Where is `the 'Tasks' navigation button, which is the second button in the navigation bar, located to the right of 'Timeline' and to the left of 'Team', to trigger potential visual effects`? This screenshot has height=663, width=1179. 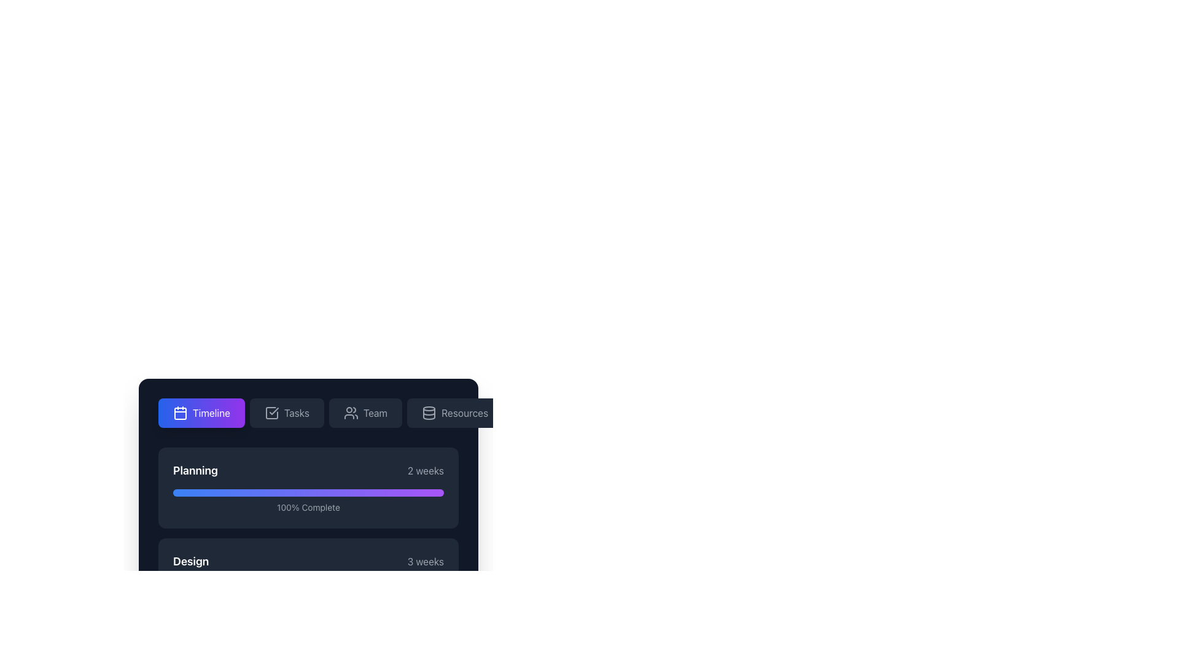 the 'Tasks' navigation button, which is the second button in the navigation bar, located to the right of 'Timeline' and to the left of 'Team', to trigger potential visual effects is located at coordinates (286, 413).